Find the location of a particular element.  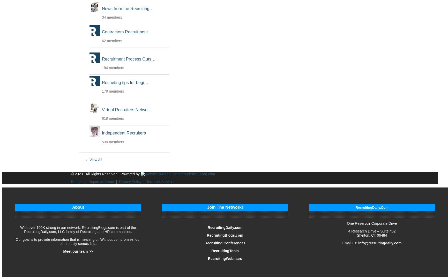

'34 members' is located at coordinates (111, 17).